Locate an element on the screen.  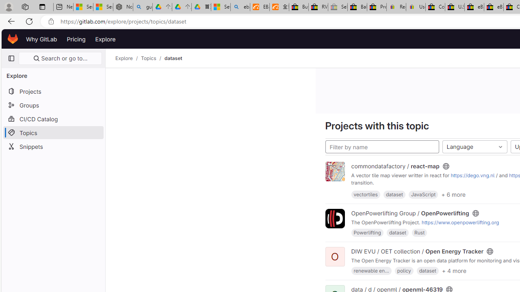
'renewable en...' is located at coordinates (370, 271).